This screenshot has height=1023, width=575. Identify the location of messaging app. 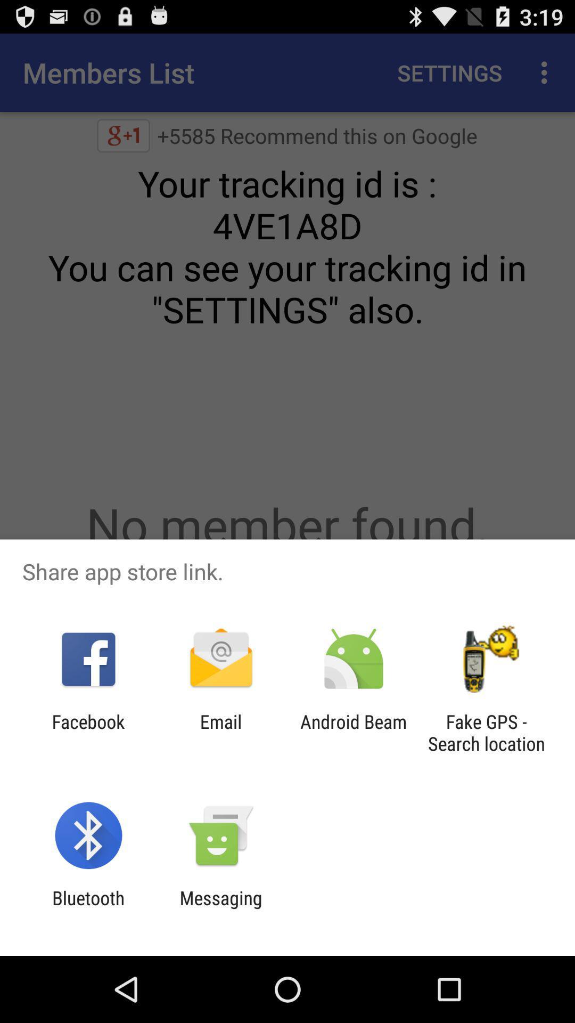
(220, 908).